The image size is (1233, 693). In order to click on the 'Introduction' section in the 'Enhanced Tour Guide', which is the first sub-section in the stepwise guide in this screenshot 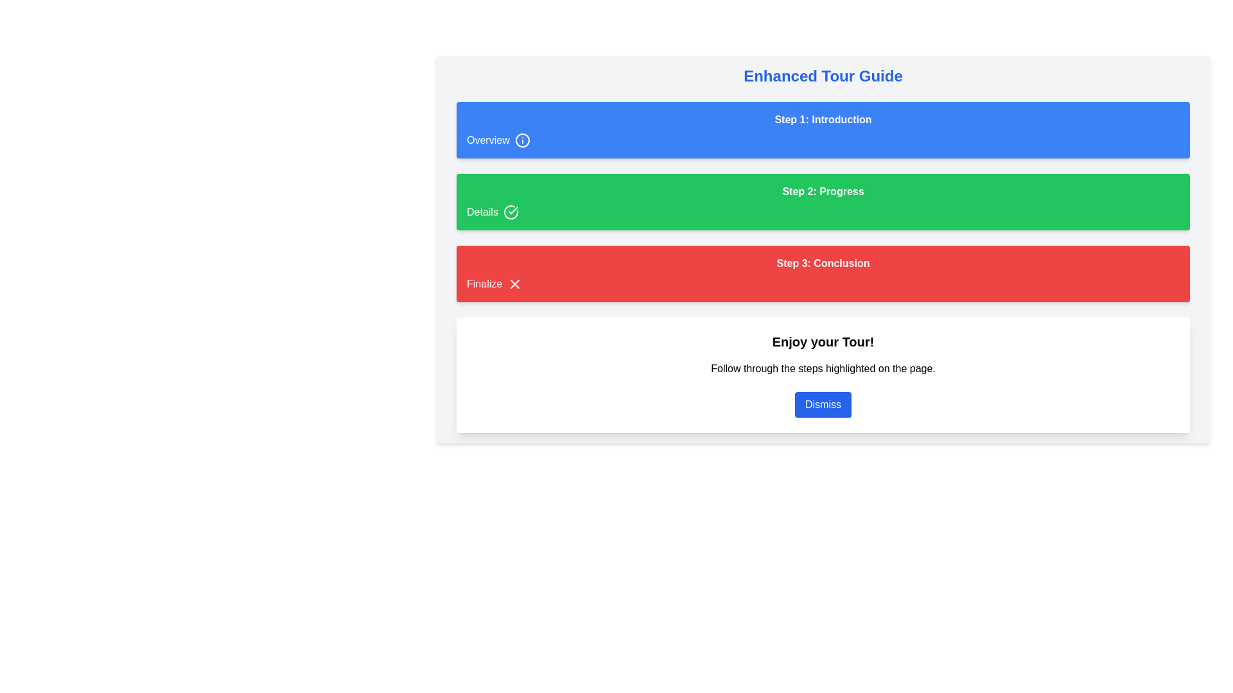, I will do `click(823, 130)`.